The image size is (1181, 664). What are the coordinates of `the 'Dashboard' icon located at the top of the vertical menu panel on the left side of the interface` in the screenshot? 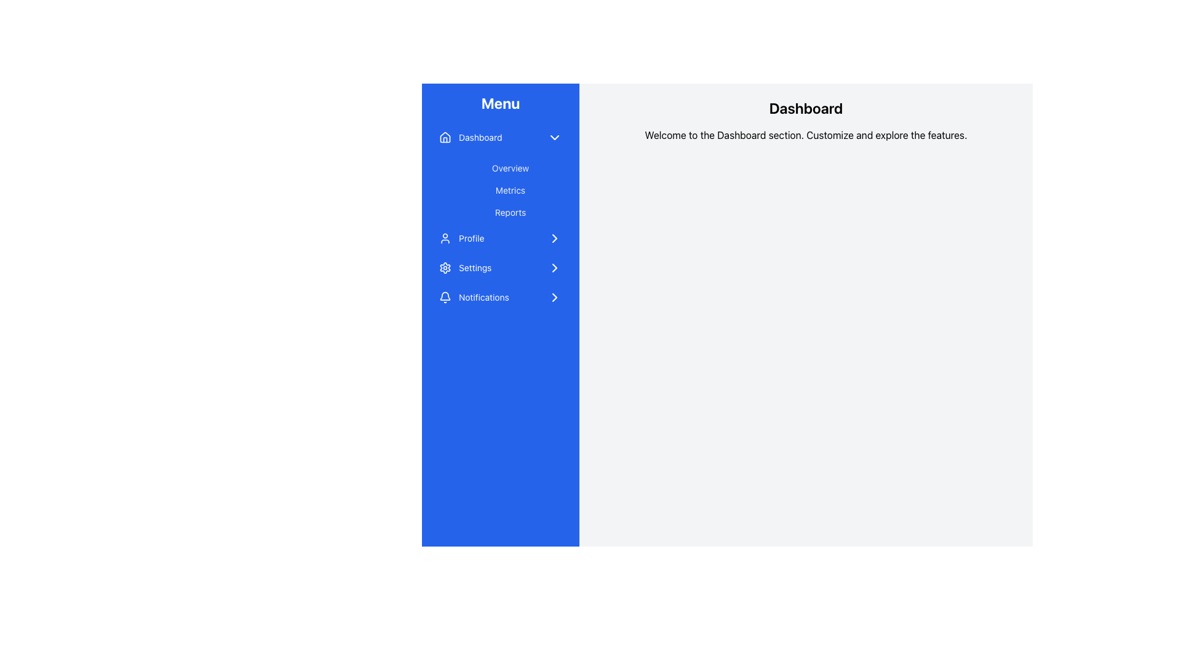 It's located at (445, 137).